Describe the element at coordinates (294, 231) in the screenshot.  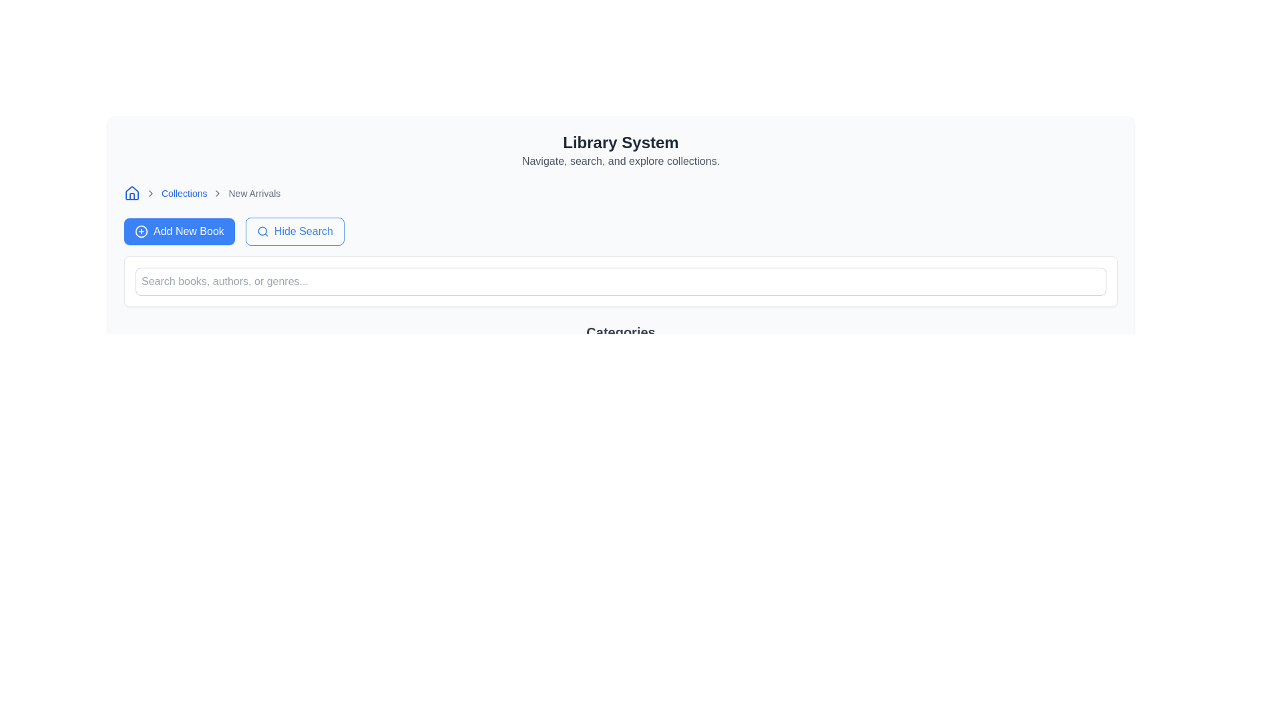
I see `the toggle visibility button located adjacent to the 'Add New Book' button in the header bar` at that location.